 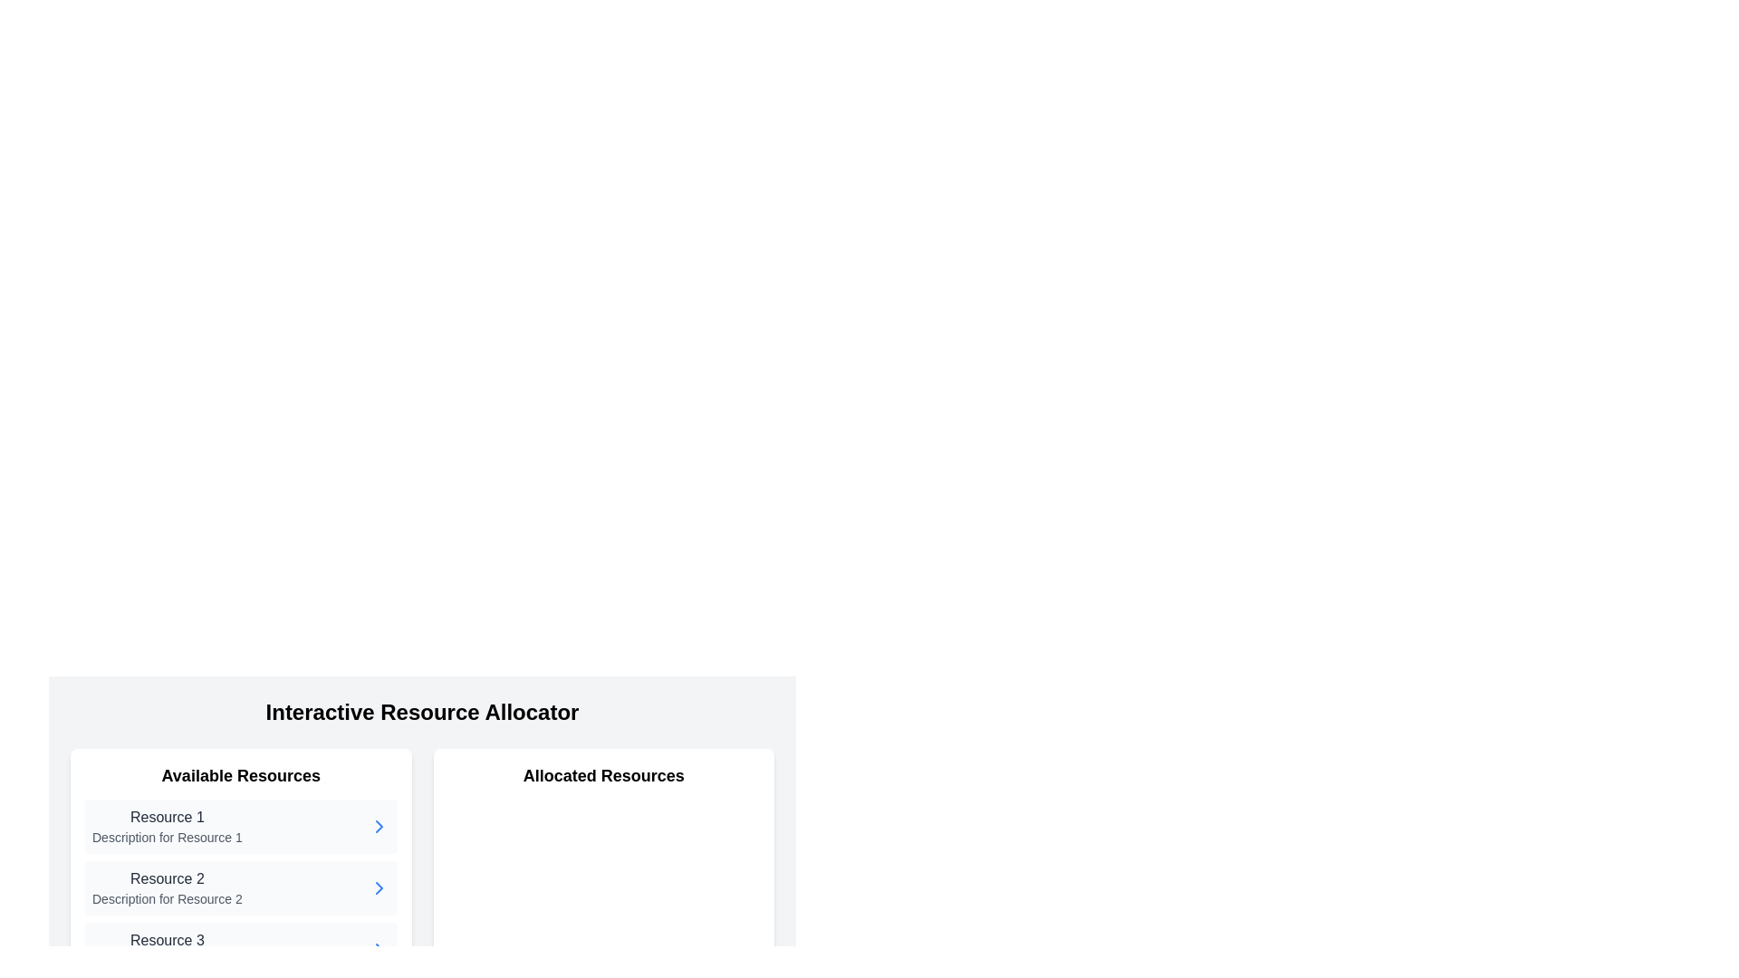 What do you see at coordinates (167, 838) in the screenshot?
I see `the descriptive Text label for 'Resource 1' located under the 'Available Resources' column, which provides additional information about the resource` at bounding box center [167, 838].